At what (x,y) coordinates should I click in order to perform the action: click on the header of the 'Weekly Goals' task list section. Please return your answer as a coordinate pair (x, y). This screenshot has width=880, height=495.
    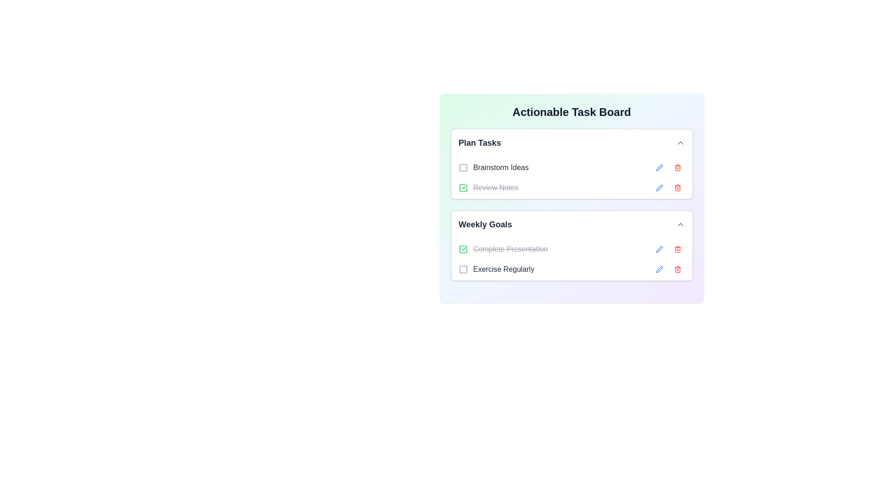
    Looking at the image, I should click on (571, 245).